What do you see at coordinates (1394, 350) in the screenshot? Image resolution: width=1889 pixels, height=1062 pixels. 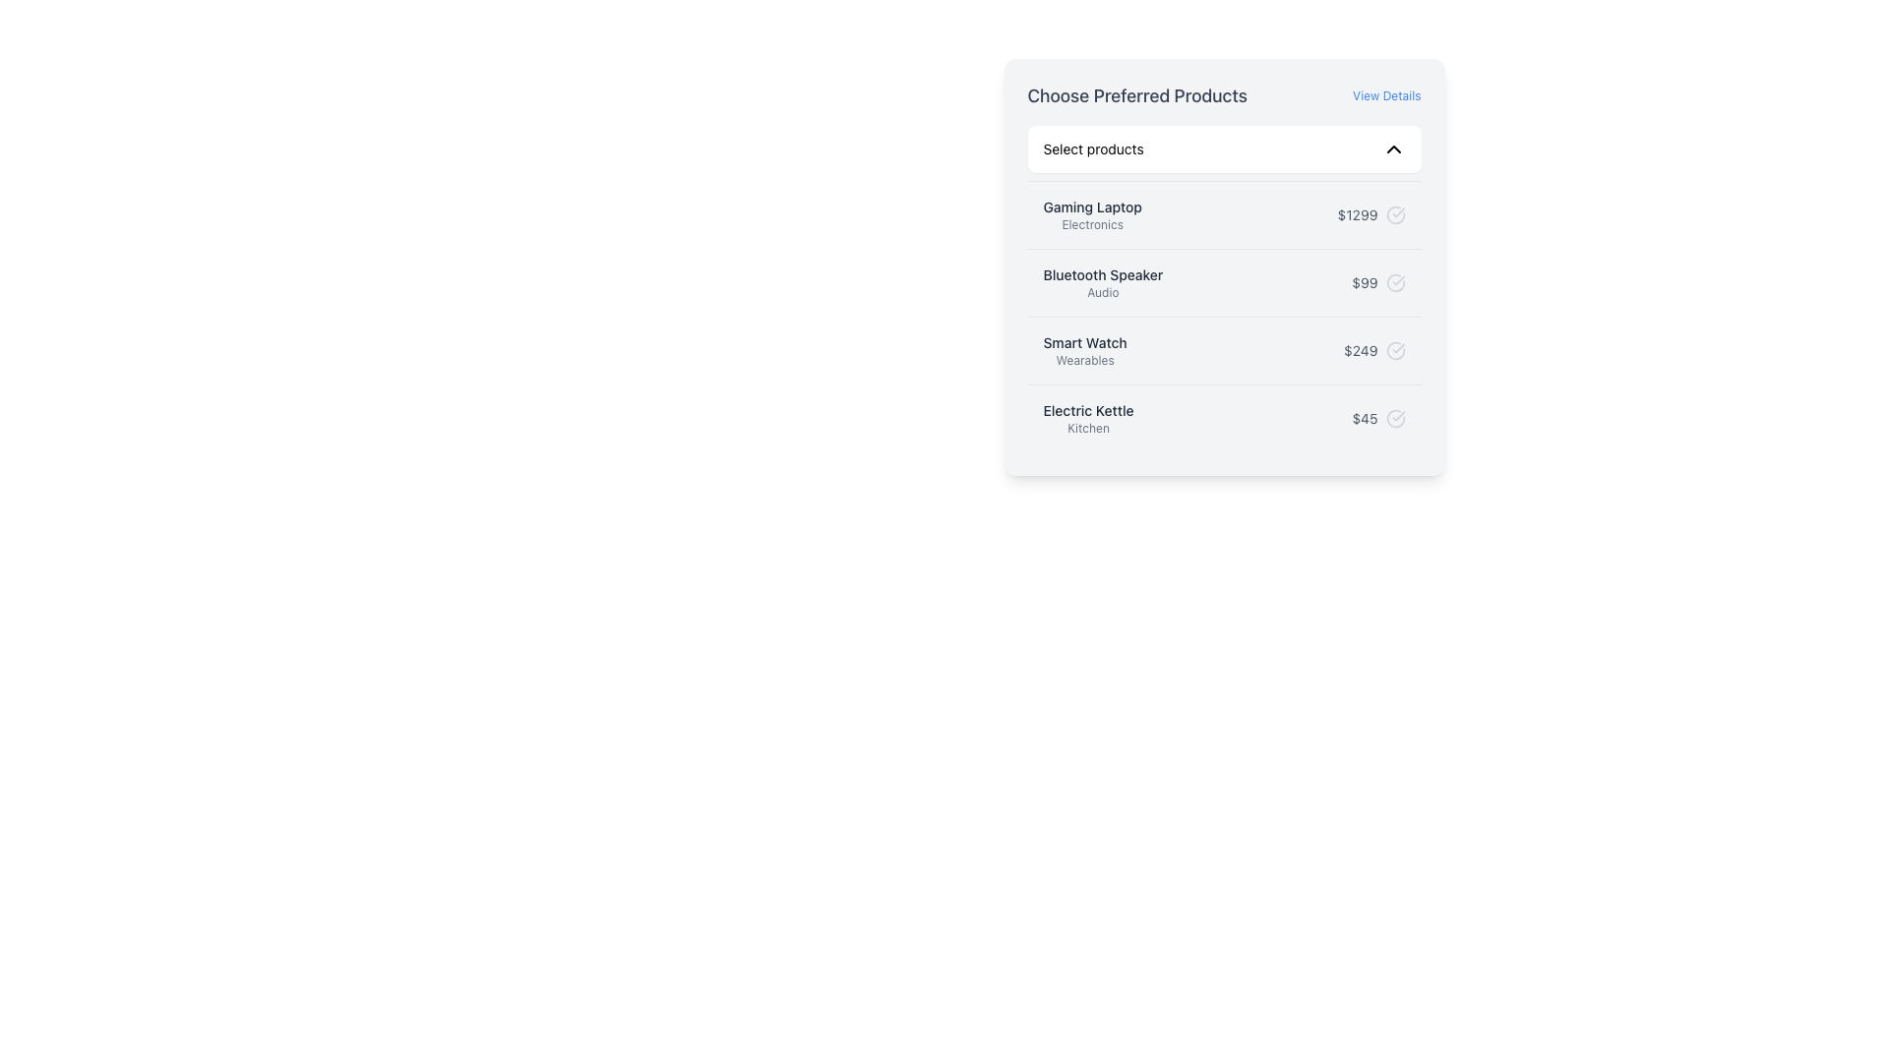 I see `the indicator icon located in the third row, to the right of the price label $249, adjacent to the product name 'Smart Watch'` at bounding box center [1394, 350].